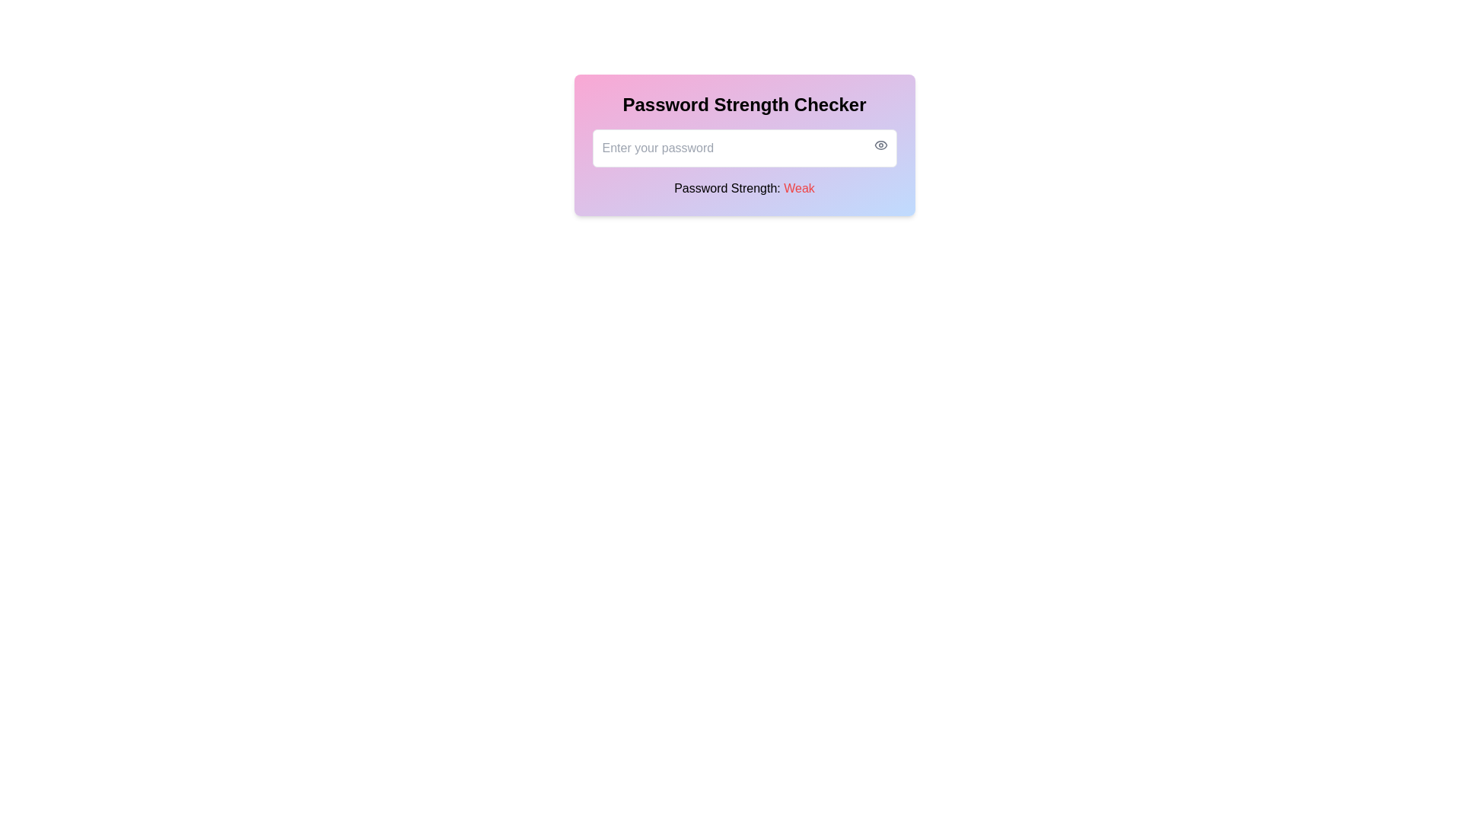 The image size is (1461, 822). What do you see at coordinates (744, 104) in the screenshot?
I see `text label heading 'Password Strength Checker' which serves as the title for the interface, indicating its primary purpose to the user` at bounding box center [744, 104].